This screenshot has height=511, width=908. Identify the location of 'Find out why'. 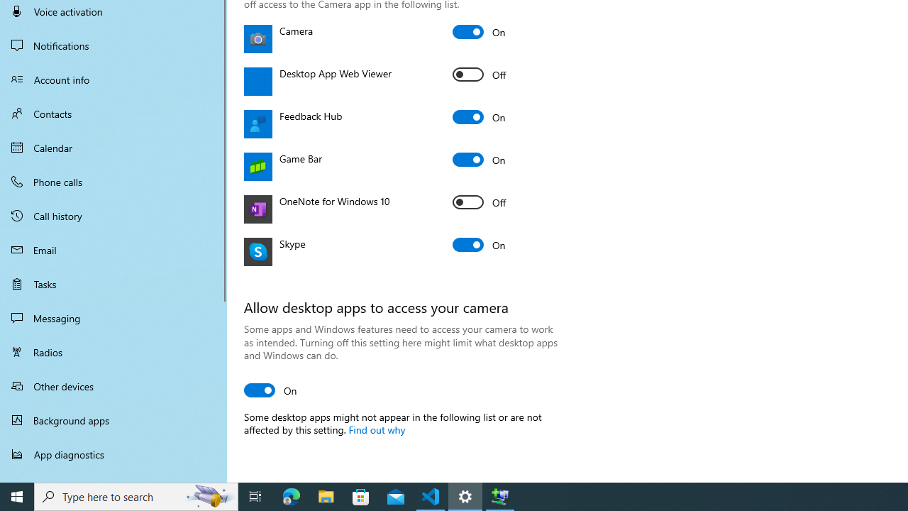
(376, 429).